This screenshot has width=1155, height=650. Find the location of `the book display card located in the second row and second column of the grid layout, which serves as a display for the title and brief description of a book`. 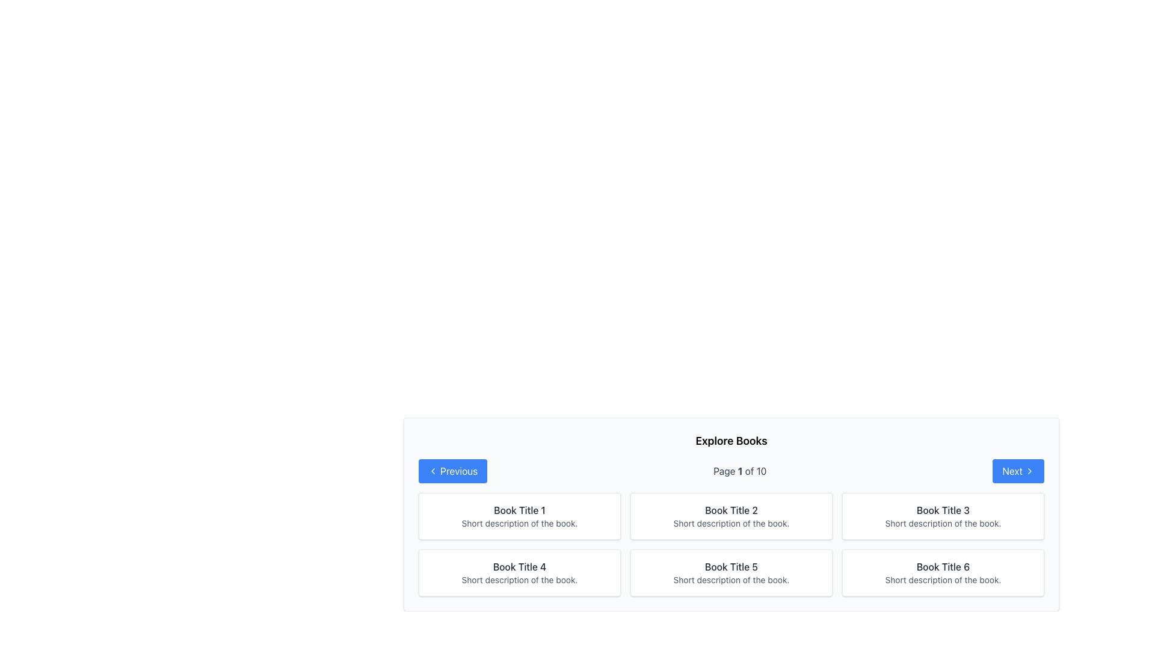

the book display card located in the second row and second column of the grid layout, which serves as a display for the title and brief description of a book is located at coordinates (730, 572).